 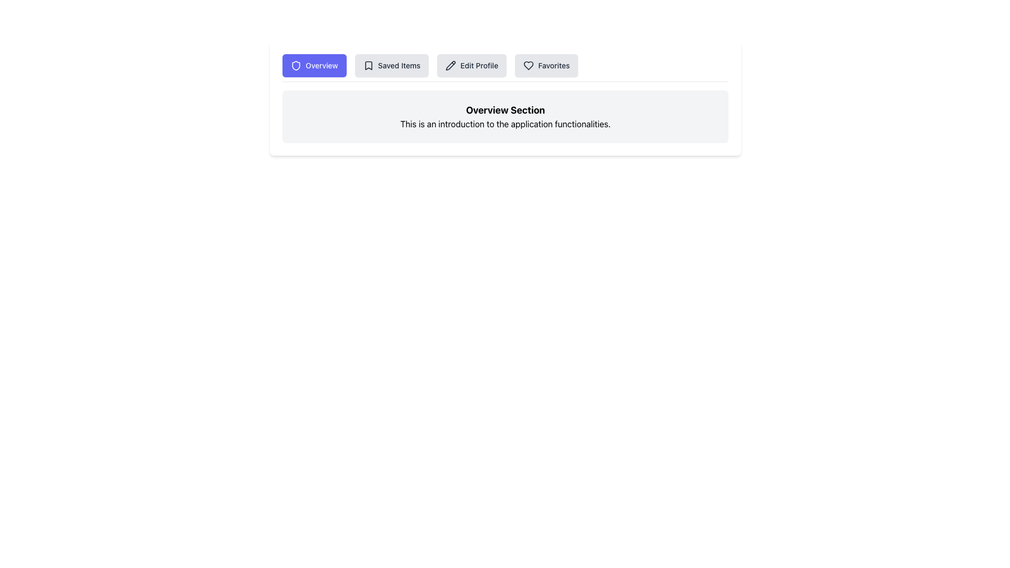 What do you see at coordinates (505, 123) in the screenshot?
I see `the text display that says 'This is an introduction to the application functionalities.' located in the Overview Section of the UI` at bounding box center [505, 123].